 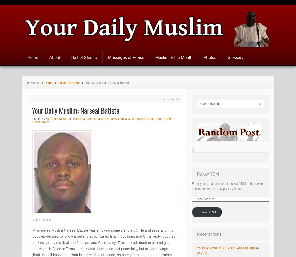 What do you see at coordinates (70, 118) in the screenshot?
I see `'on'` at bounding box center [70, 118].